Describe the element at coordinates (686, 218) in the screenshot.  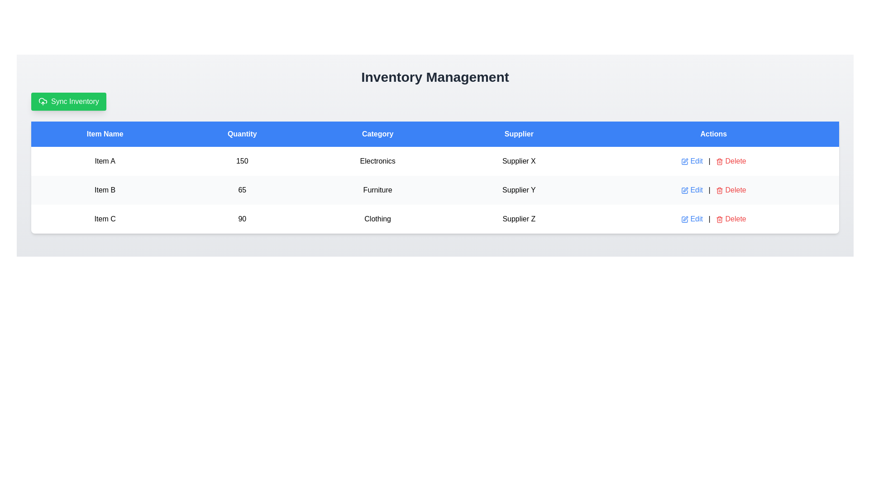
I see `the editing icon located under the 'Actions' column in the row corresponding to the item to initiate an action` at that location.